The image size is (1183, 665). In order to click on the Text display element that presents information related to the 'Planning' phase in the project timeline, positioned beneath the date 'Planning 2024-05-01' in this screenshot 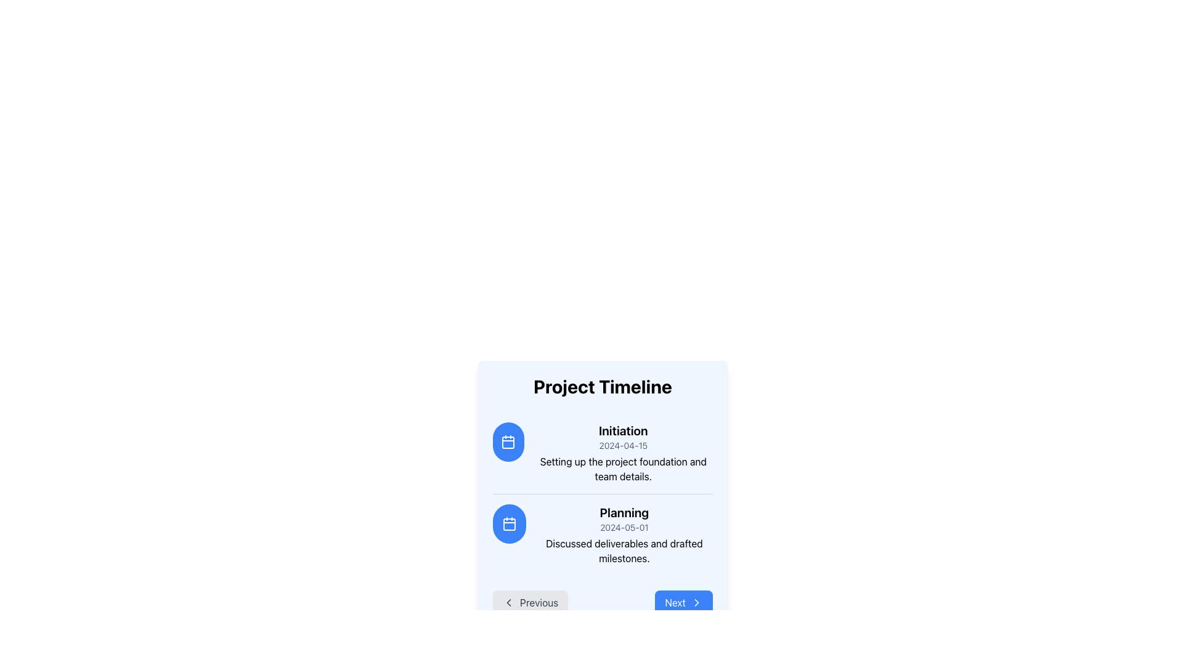, I will do `click(624, 550)`.